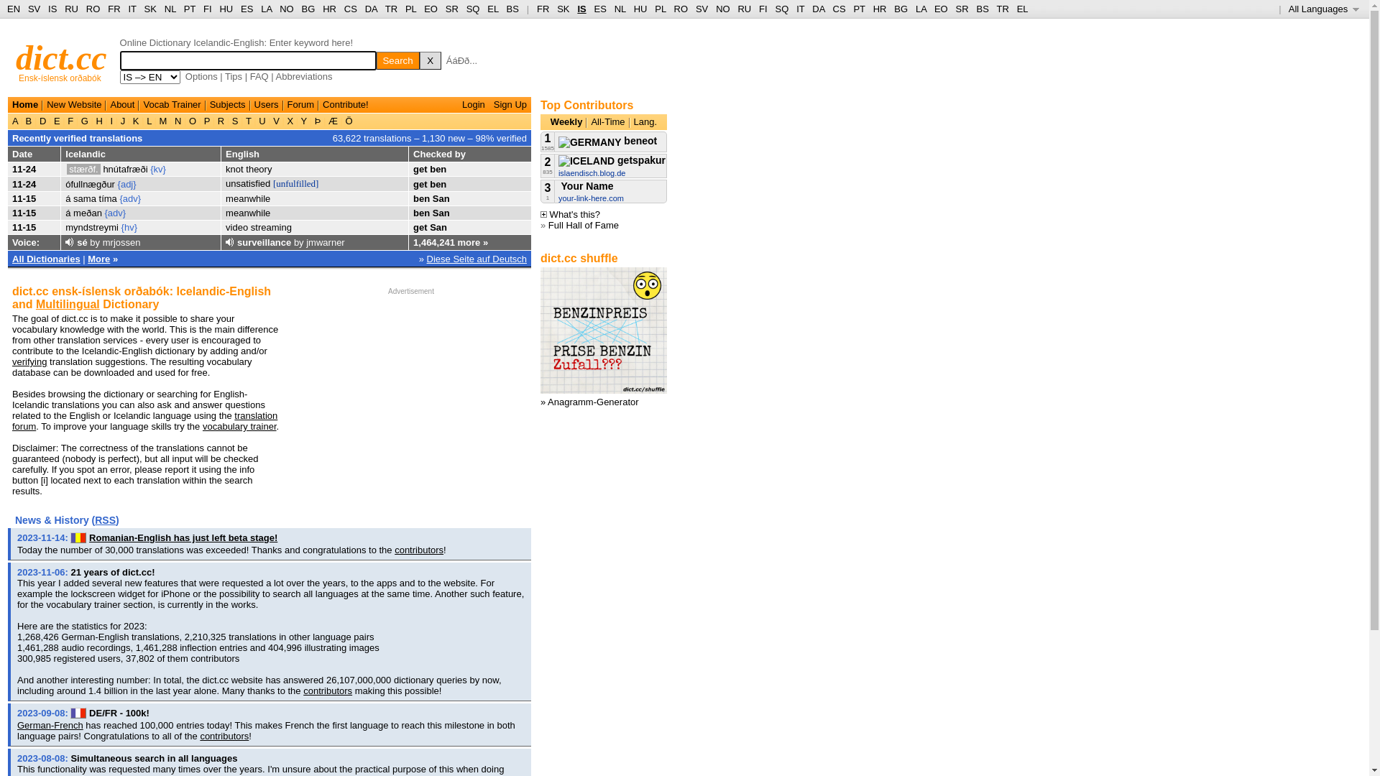 This screenshot has height=776, width=1380. I want to click on 'San', so click(441, 198).